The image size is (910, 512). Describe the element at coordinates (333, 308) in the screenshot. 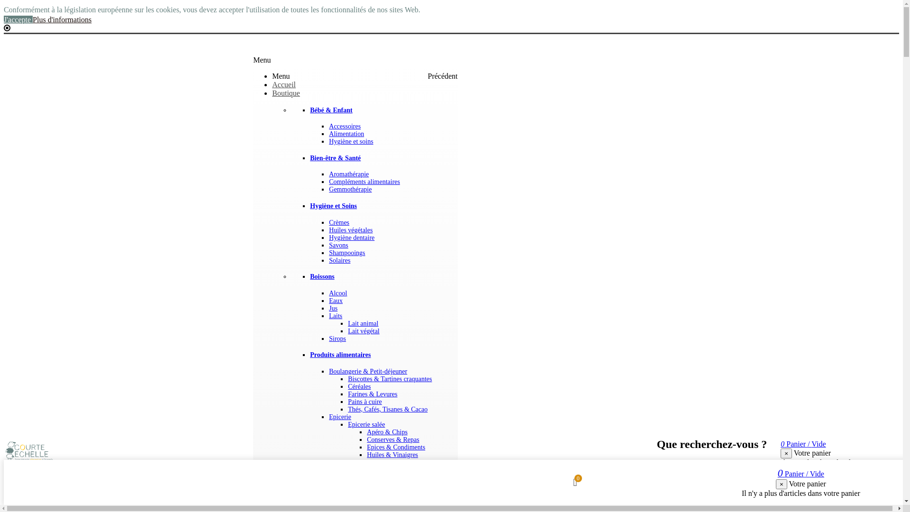

I see `'Jus'` at that location.